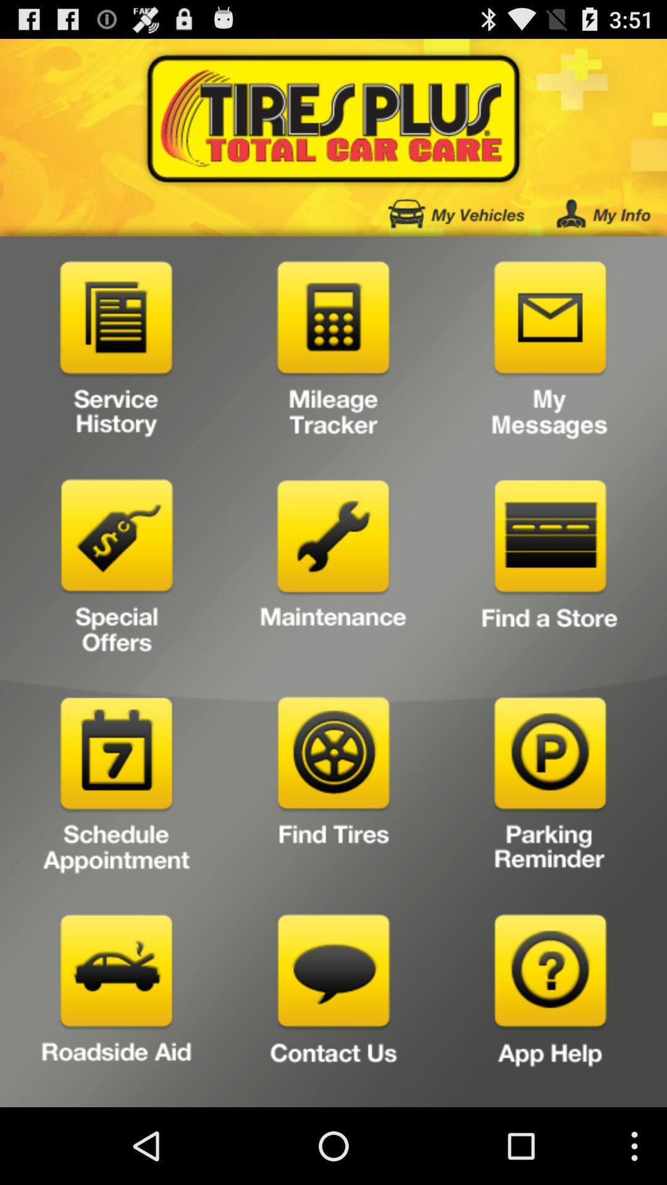 The width and height of the screenshot is (667, 1185). What do you see at coordinates (550, 1006) in the screenshot?
I see `app help` at bounding box center [550, 1006].